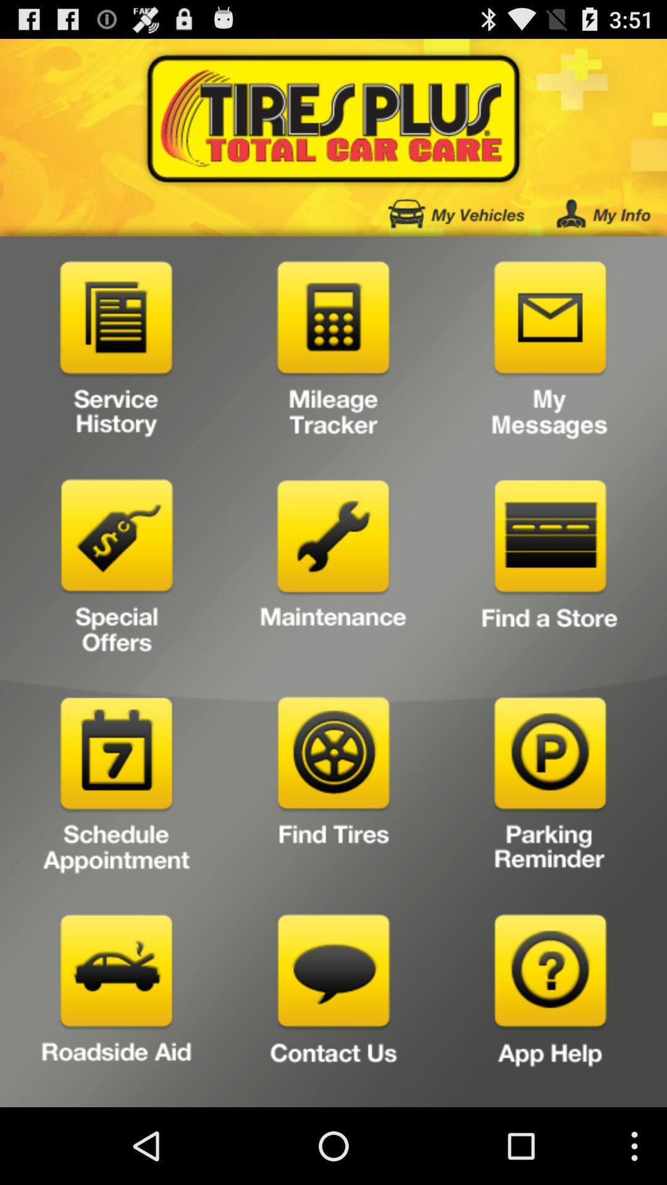 The width and height of the screenshot is (667, 1185). What do you see at coordinates (550, 1006) in the screenshot?
I see `app help` at bounding box center [550, 1006].